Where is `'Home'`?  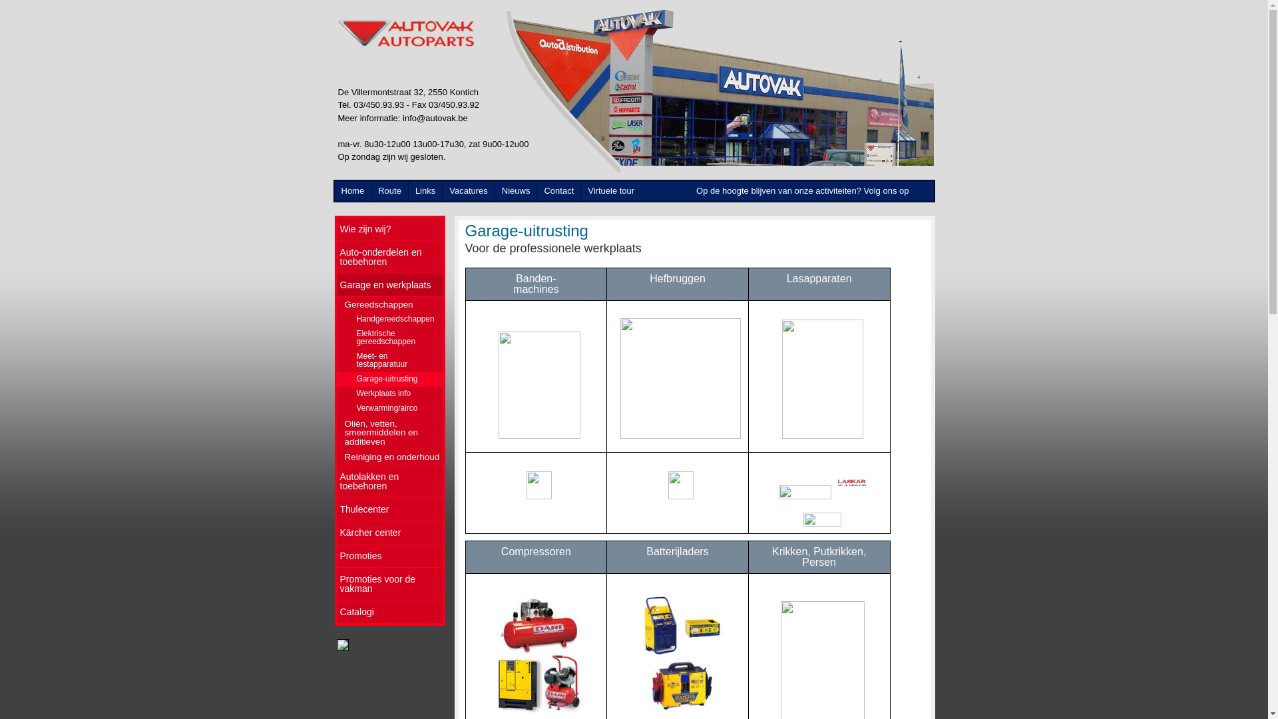 'Home' is located at coordinates (352, 191).